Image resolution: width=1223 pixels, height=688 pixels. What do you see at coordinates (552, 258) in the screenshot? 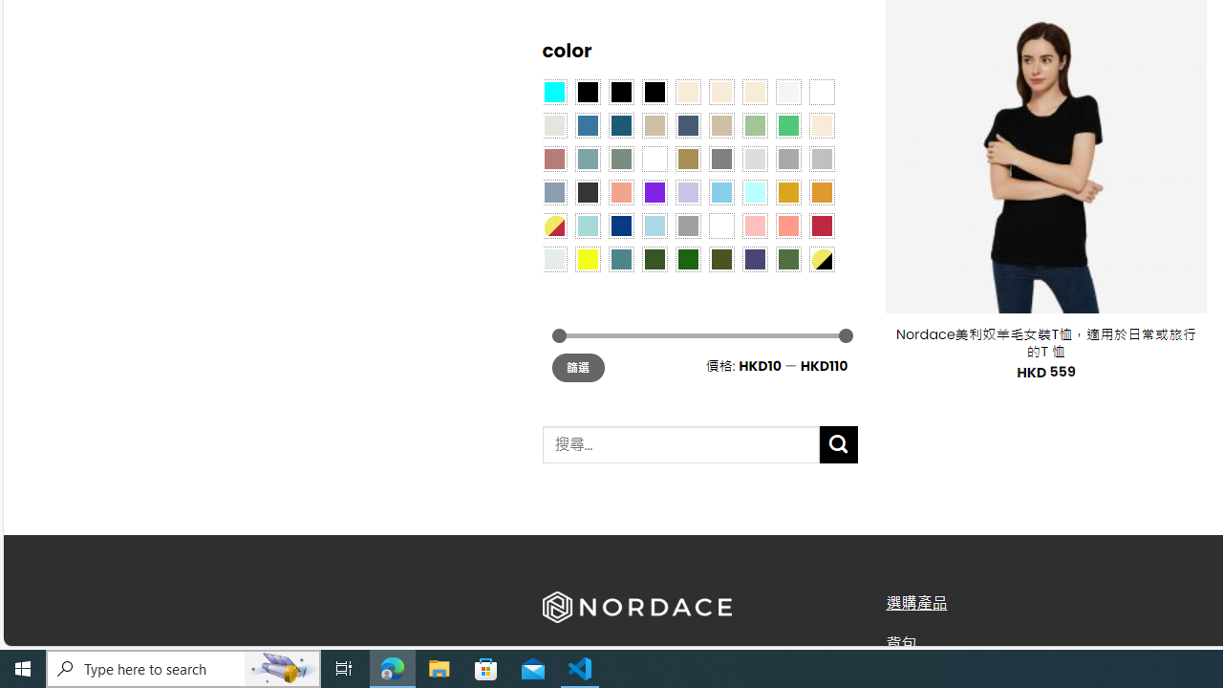
I see `'Dull Nickle'` at bounding box center [552, 258].